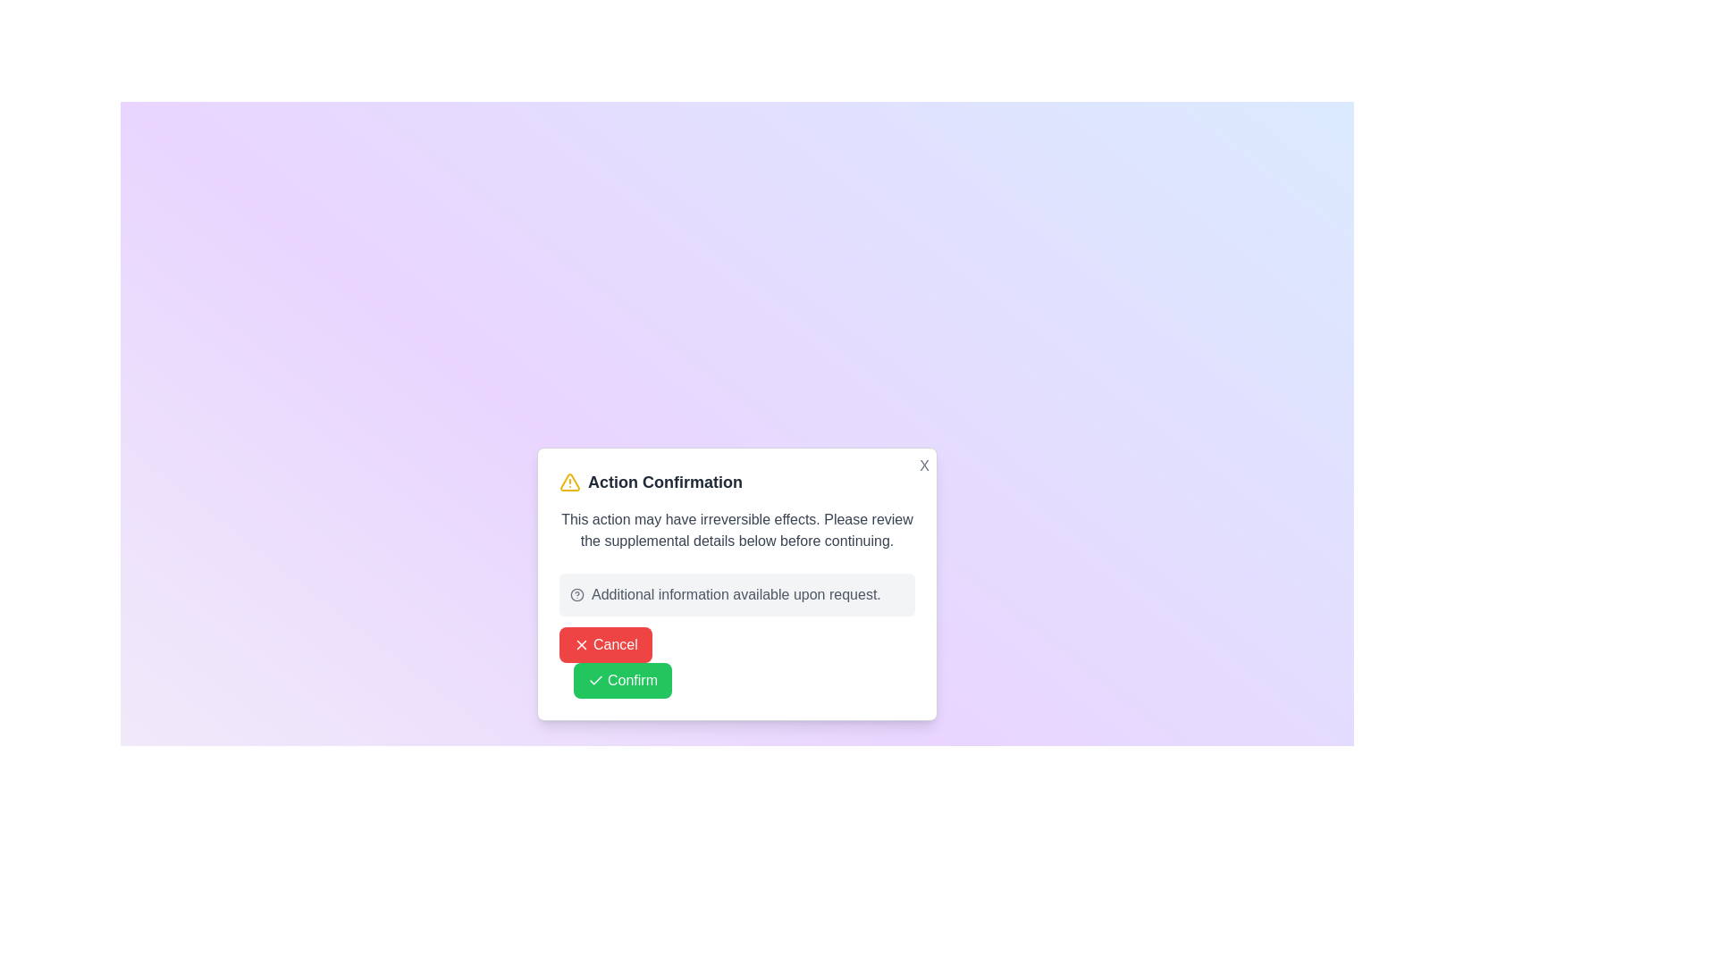 The image size is (1716, 965). I want to click on the red 'Cancel' button with white text featuring an 'X' icon, so click(605, 644).